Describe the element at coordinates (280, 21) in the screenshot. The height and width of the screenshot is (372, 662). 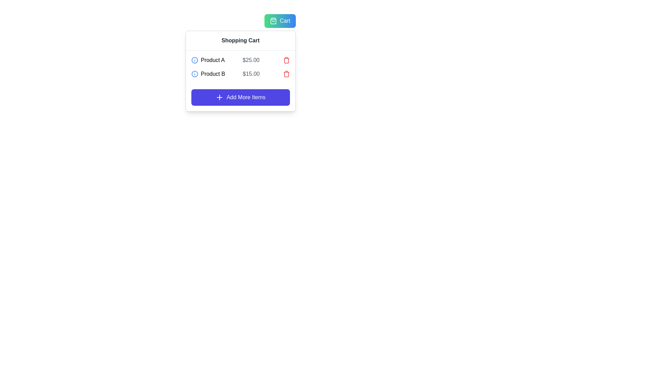
I see `the button located in the top-right corner of the shopping cart interface` at that location.